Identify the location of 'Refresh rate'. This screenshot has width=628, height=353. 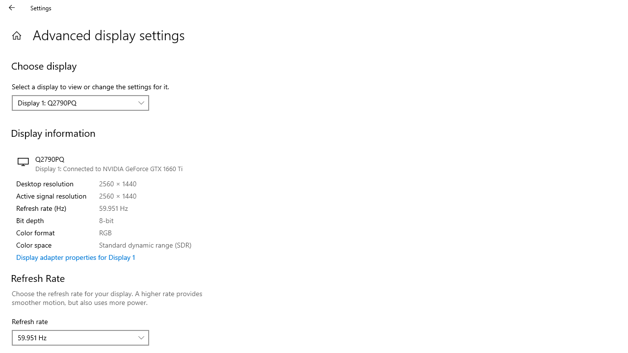
(80, 337).